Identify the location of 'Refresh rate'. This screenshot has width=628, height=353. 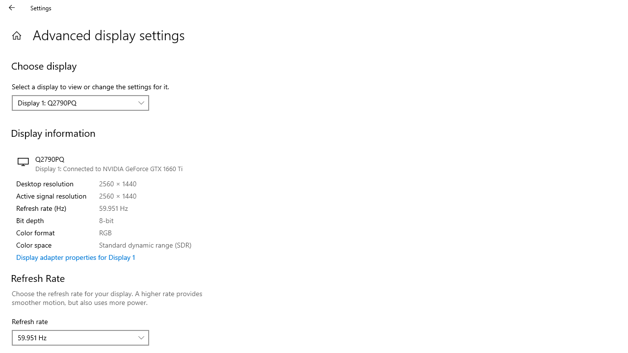
(80, 337).